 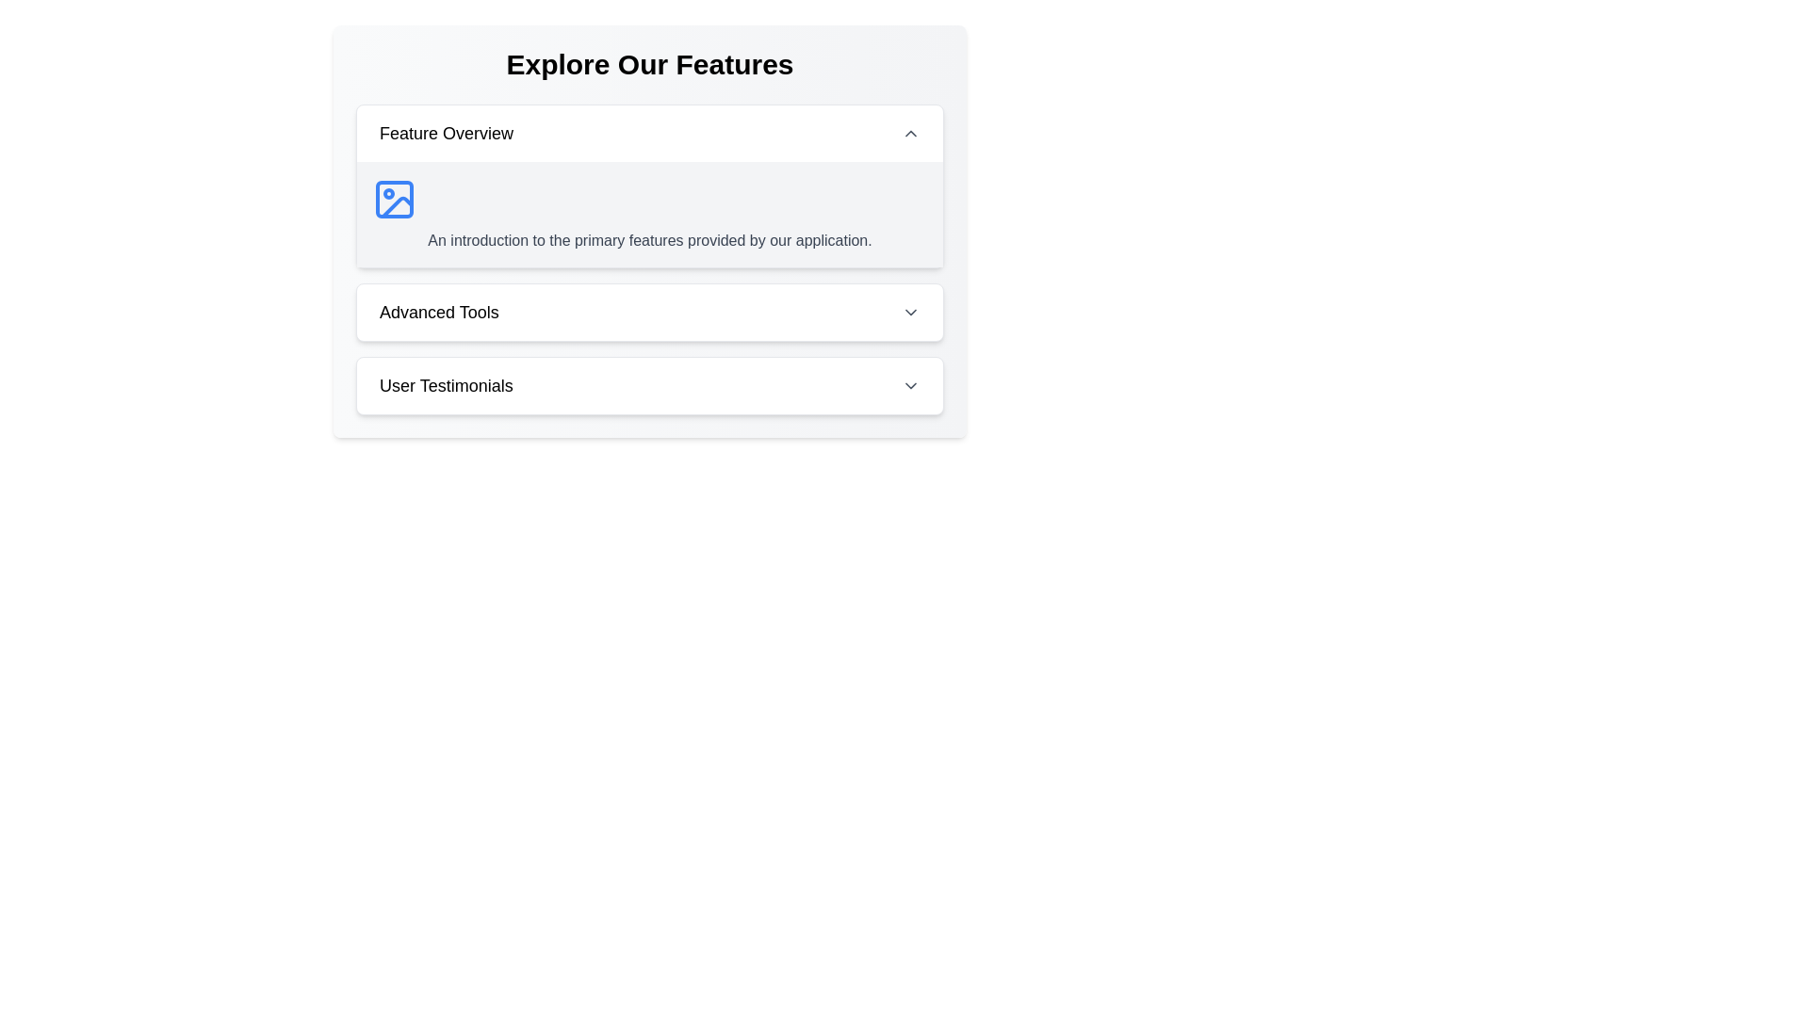 What do you see at coordinates (650, 239) in the screenshot?
I see `text paragraph styled with a gray font that introduces the features of the application, located under the 'Feature Overview' heading` at bounding box center [650, 239].